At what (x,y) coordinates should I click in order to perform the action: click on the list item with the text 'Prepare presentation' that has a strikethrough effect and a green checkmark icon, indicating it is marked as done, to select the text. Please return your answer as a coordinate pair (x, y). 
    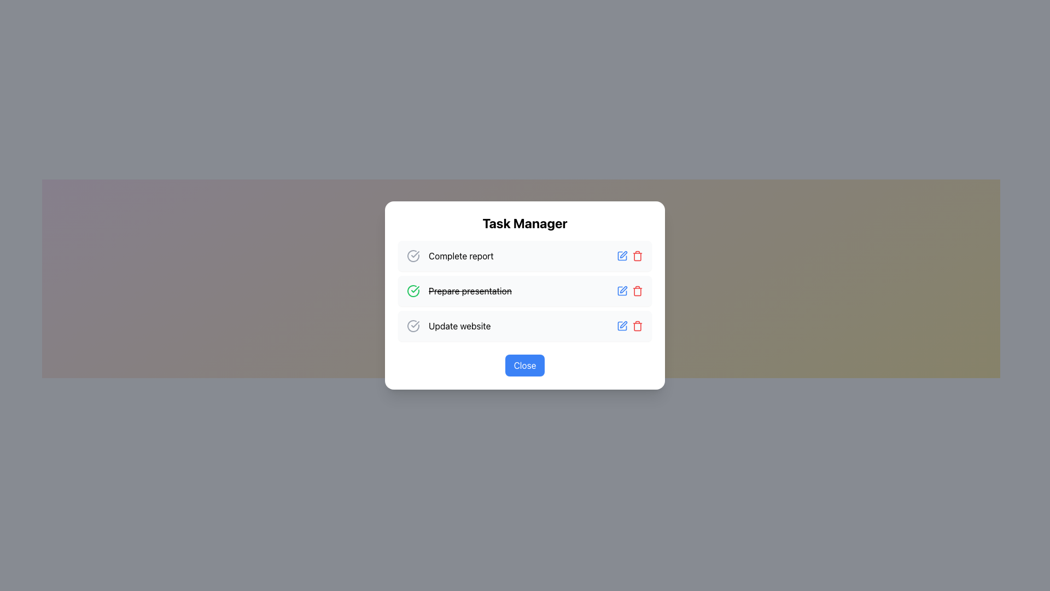
    Looking at the image, I should click on (459, 291).